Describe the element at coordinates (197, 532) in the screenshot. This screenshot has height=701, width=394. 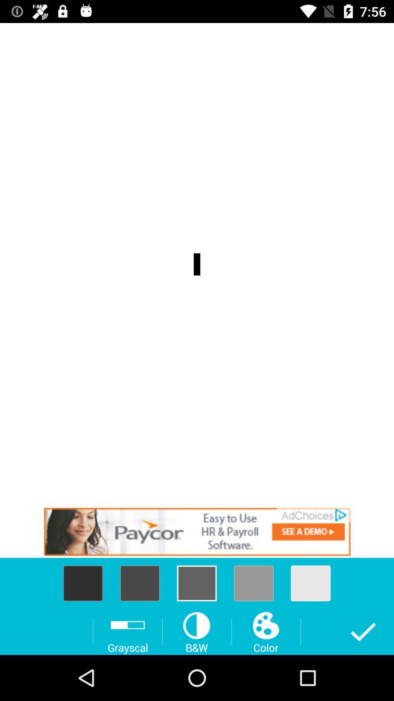
I see `camera to pdf scanner` at that location.